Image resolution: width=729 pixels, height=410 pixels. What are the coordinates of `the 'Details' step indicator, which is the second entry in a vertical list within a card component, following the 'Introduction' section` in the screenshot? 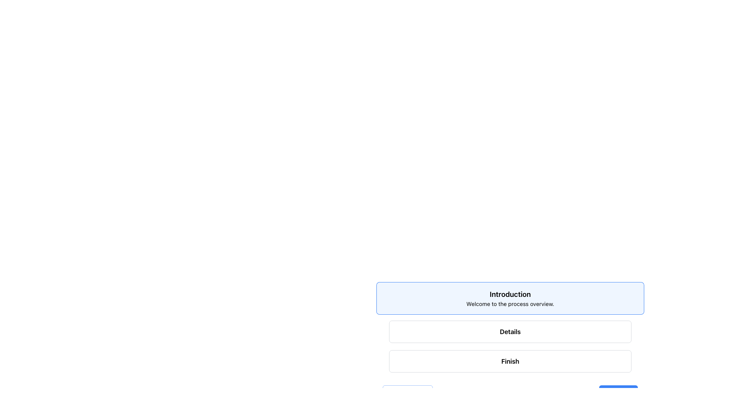 It's located at (510, 342).